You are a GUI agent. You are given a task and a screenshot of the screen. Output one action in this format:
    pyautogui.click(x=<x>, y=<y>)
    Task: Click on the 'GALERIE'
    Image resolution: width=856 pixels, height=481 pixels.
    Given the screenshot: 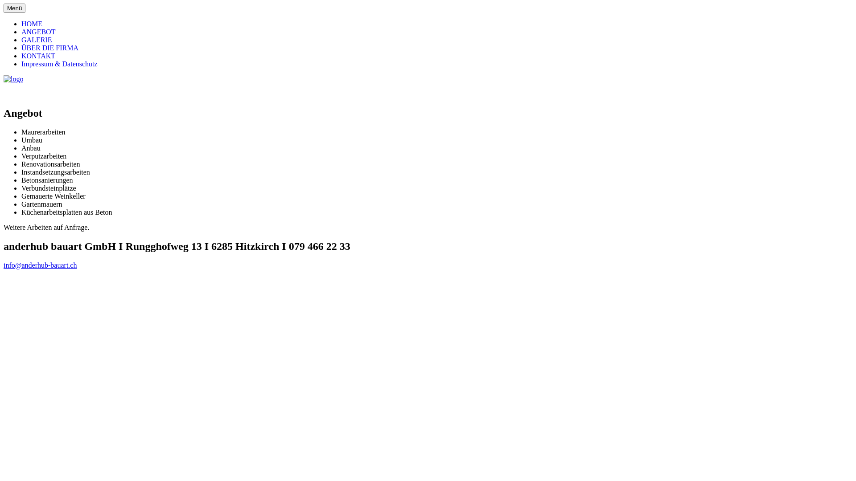 What is the action you would take?
    pyautogui.click(x=21, y=39)
    